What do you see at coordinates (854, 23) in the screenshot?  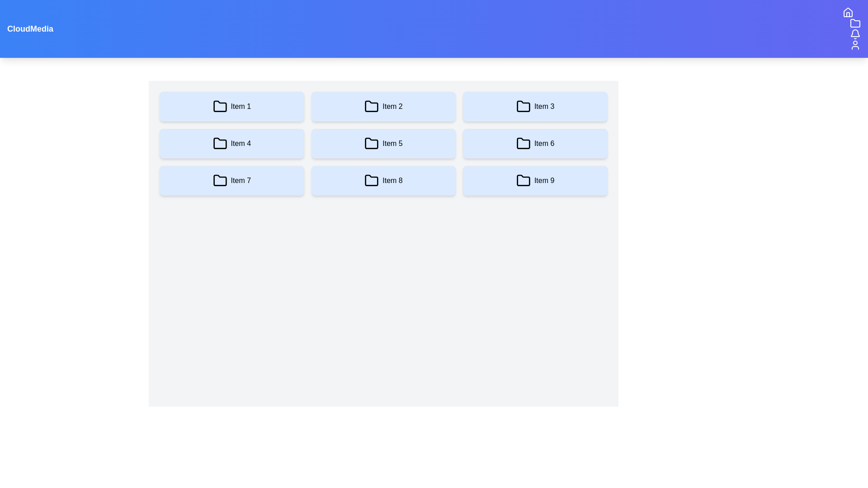 I see `the Folder navigation icon` at bounding box center [854, 23].